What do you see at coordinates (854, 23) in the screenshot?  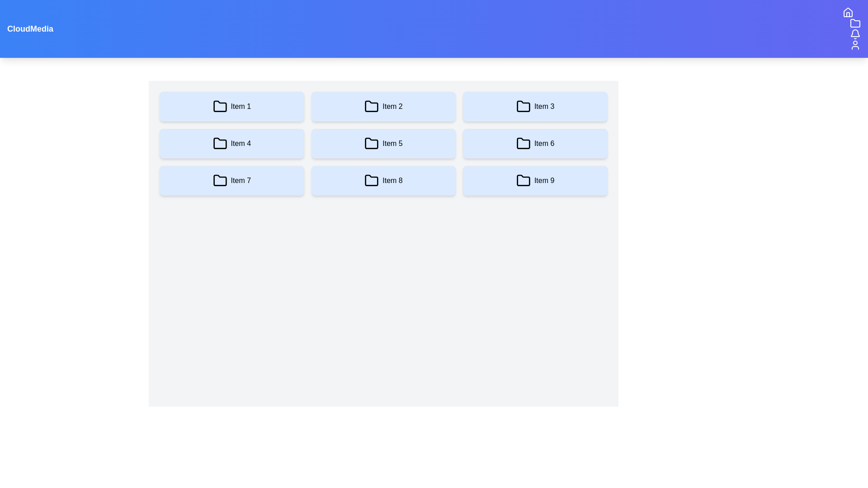 I see `the Folder navigation icon` at bounding box center [854, 23].